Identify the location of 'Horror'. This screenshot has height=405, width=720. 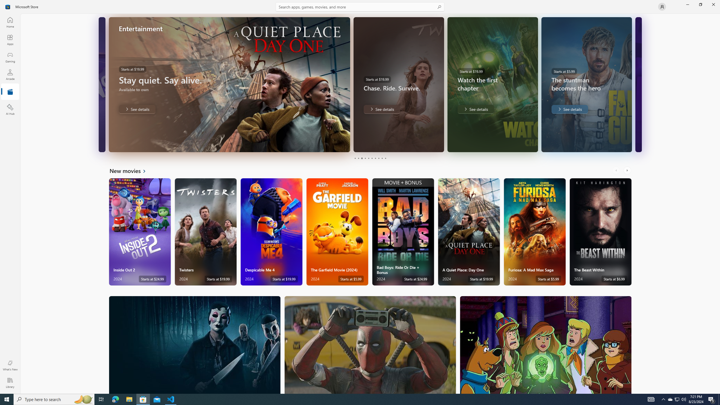
(195, 345).